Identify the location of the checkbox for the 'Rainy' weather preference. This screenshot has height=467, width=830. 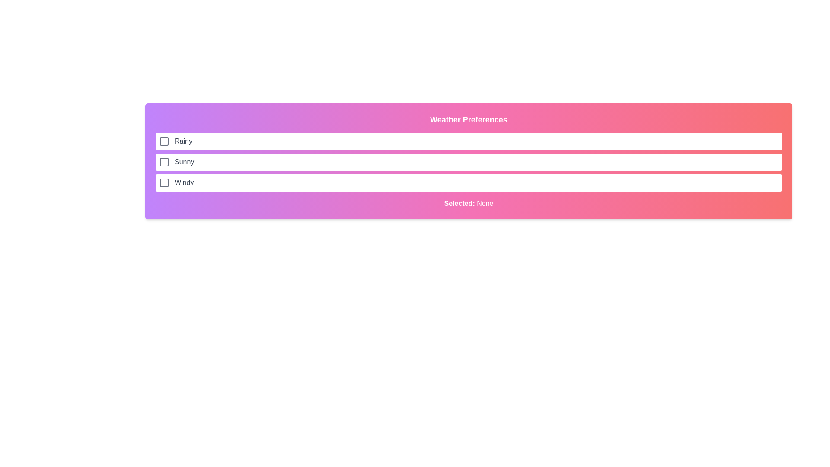
(164, 141).